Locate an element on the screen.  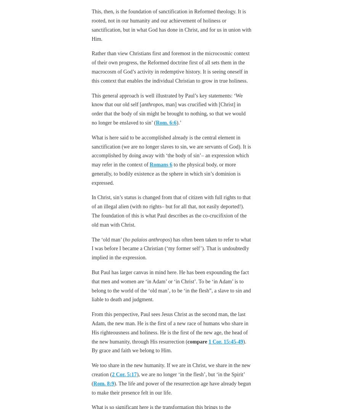
'2 Cor. 5:17' is located at coordinates (111, 374).